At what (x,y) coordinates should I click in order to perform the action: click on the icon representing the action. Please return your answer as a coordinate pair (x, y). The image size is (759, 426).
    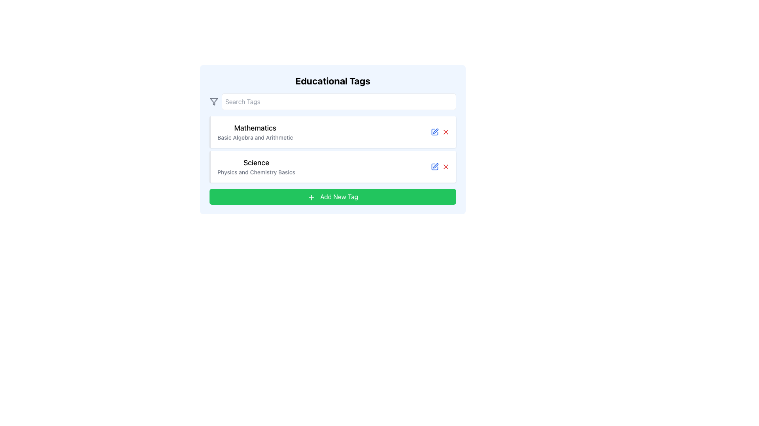
    Looking at the image, I should click on (311, 197).